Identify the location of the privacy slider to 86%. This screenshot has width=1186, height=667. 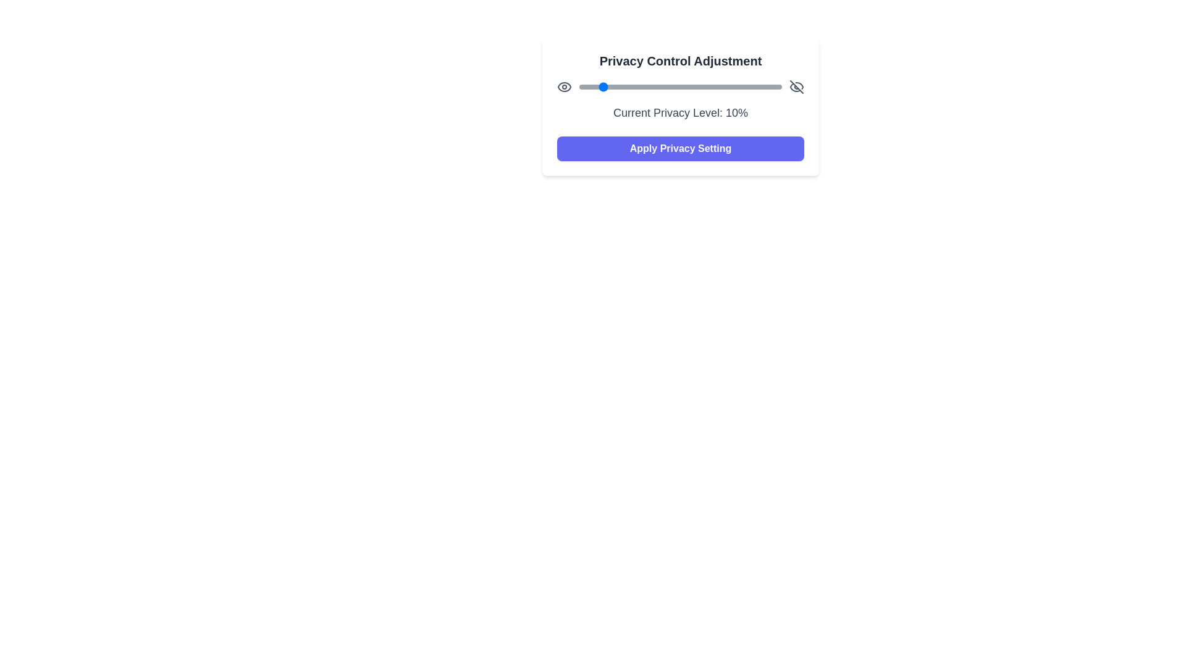
(753, 86).